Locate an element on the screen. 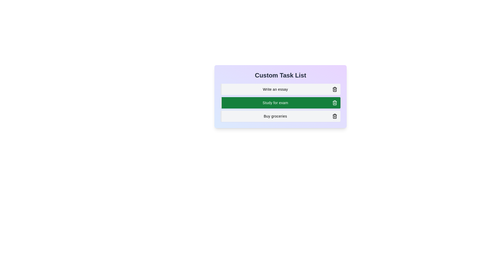 The height and width of the screenshot is (279, 496). trash icon corresponding to the task 'Study for exam' to delete it is located at coordinates (335, 103).